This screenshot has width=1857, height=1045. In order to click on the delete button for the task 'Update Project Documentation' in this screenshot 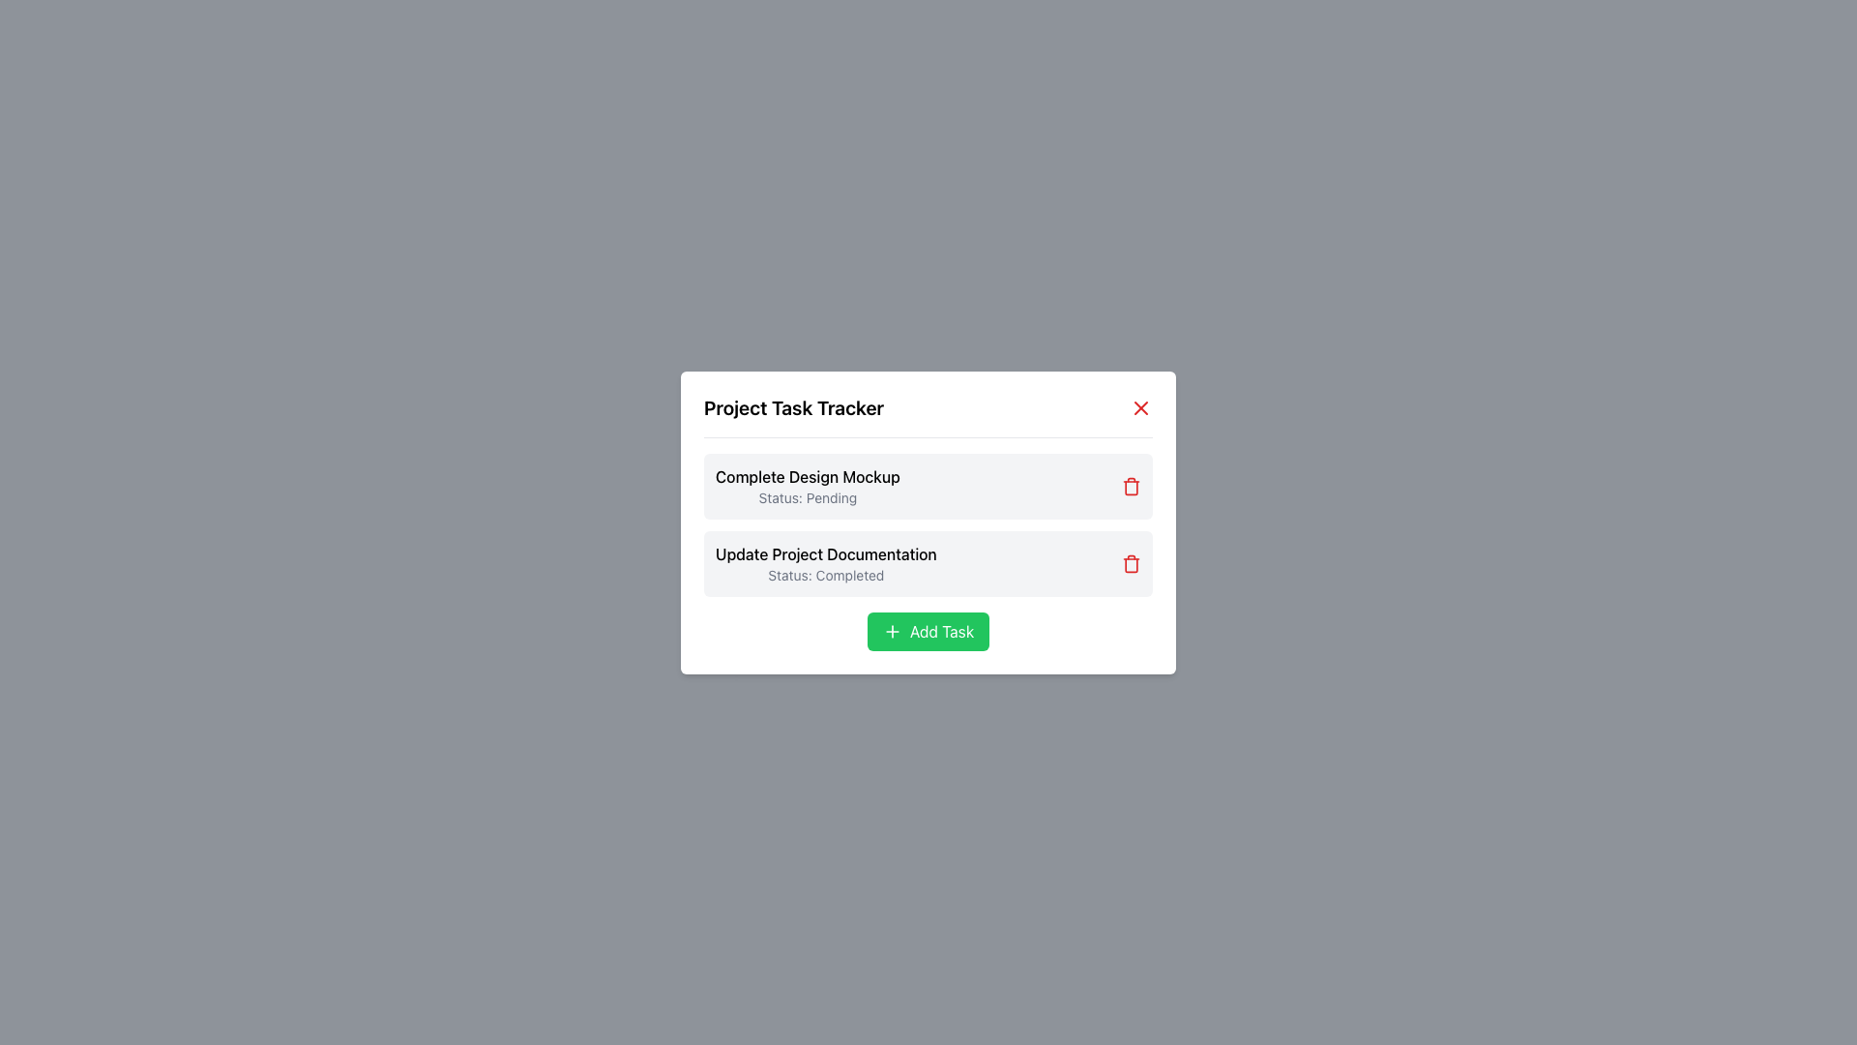, I will do `click(1132, 563)`.